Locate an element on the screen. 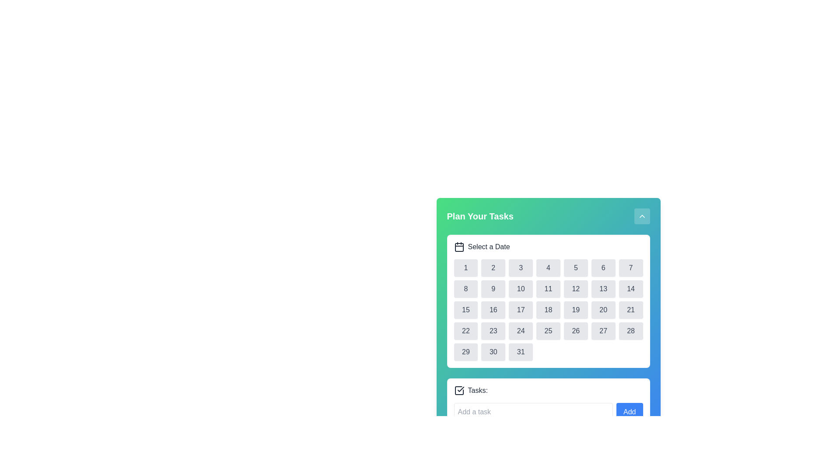 This screenshot has height=473, width=840. the button in the sixth column of the fourth row of the calendar component, which displays the number '26' in dark gray on a light gray background is located at coordinates (576, 331).